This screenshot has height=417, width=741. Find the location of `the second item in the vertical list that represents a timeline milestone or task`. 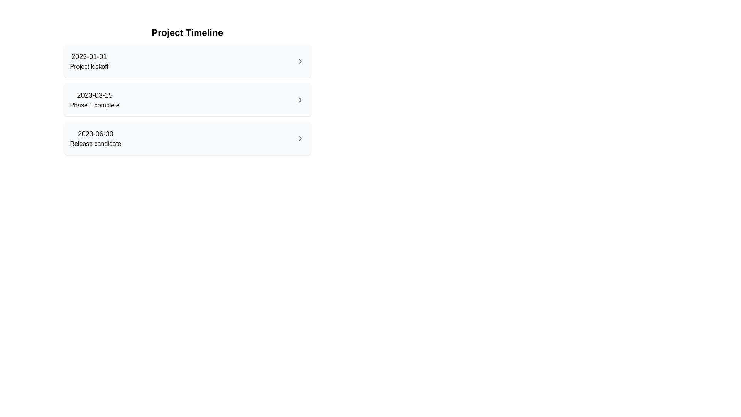

the second item in the vertical list that represents a timeline milestone or task is located at coordinates (187, 99).